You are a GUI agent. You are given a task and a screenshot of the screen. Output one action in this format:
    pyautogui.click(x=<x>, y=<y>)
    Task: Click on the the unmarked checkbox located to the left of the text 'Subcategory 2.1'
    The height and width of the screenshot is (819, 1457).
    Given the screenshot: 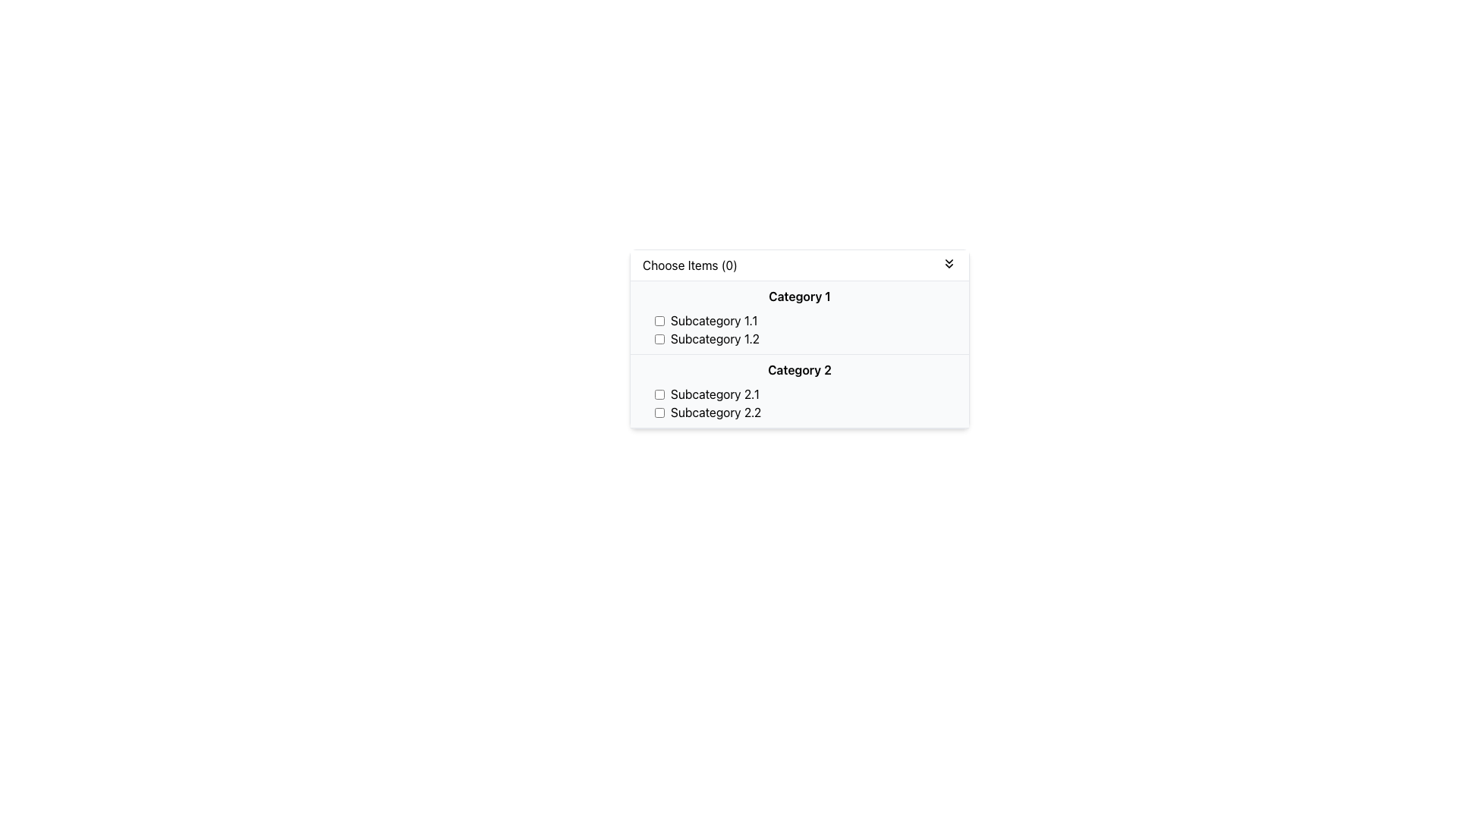 What is the action you would take?
    pyautogui.click(x=659, y=394)
    